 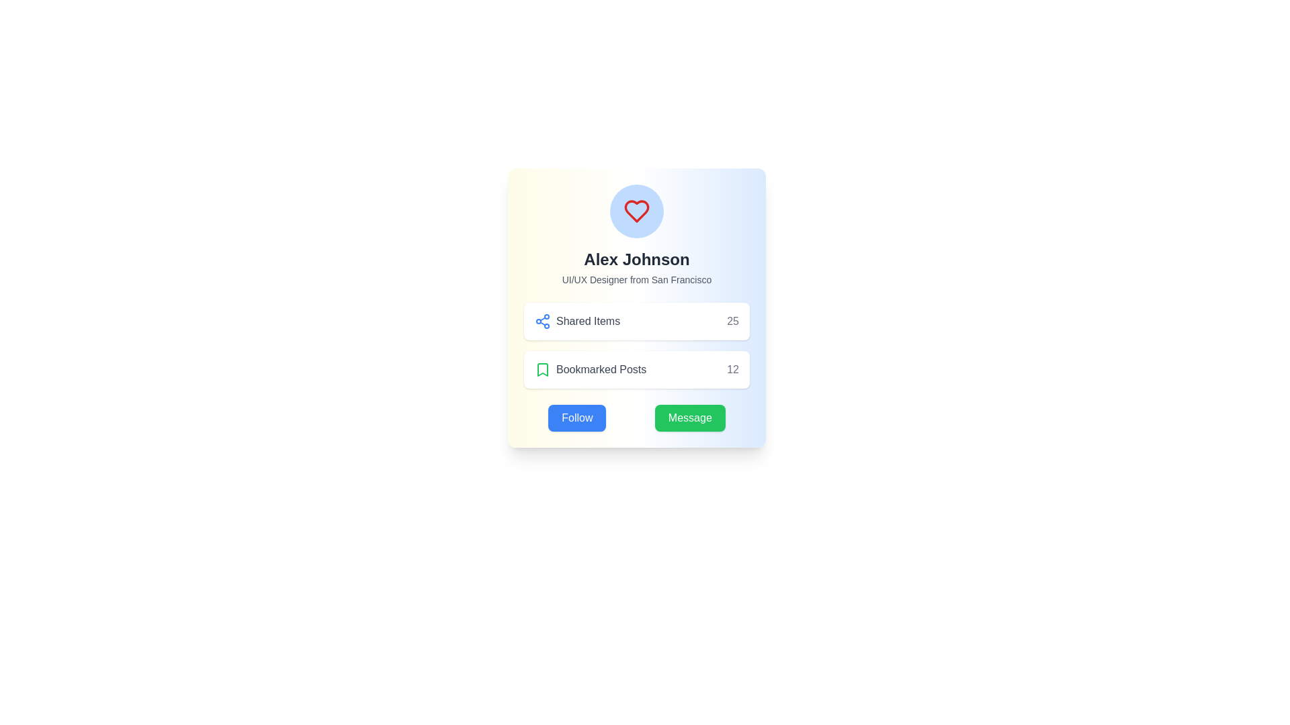 What do you see at coordinates (577, 418) in the screenshot?
I see `the blue 'Follow' button with white text` at bounding box center [577, 418].